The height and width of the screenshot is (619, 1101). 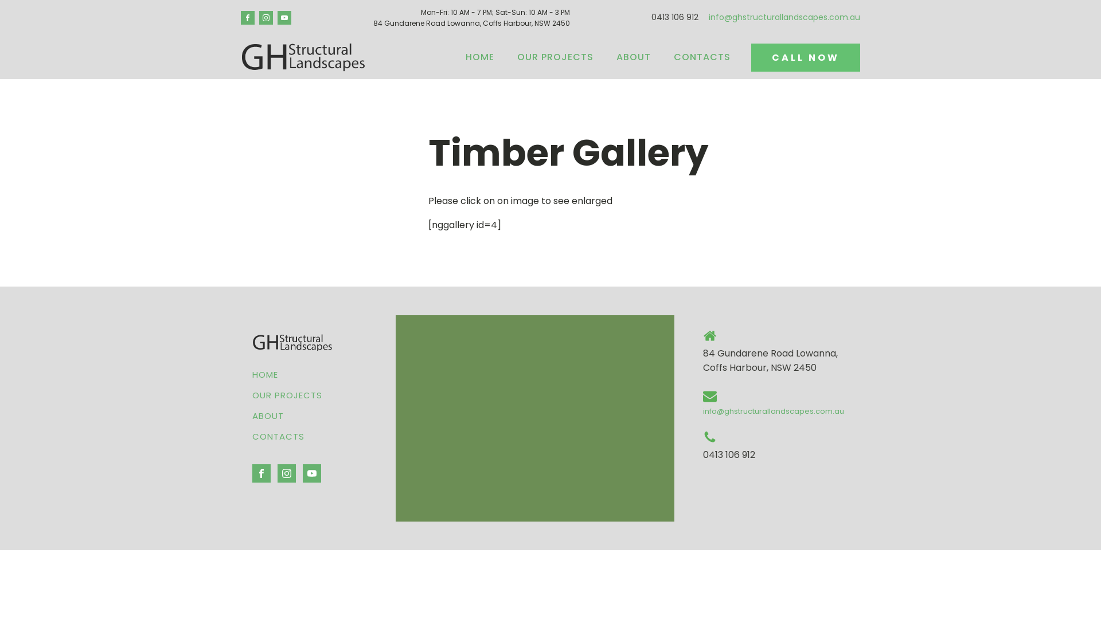 What do you see at coordinates (287, 375) in the screenshot?
I see `'HOME'` at bounding box center [287, 375].